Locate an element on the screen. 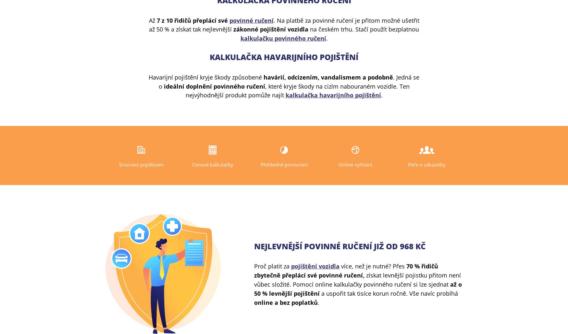 This screenshot has height=334, width=568. 'zákonné pojištění vozidla' is located at coordinates (233, 29).